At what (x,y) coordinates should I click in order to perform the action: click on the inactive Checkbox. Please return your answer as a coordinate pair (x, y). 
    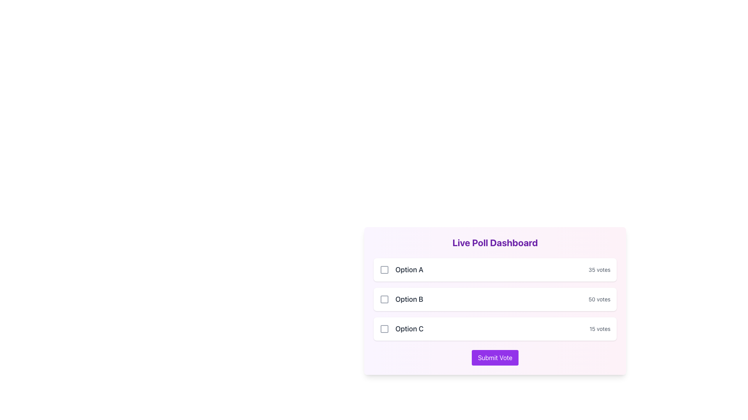
    Looking at the image, I should click on (385, 329).